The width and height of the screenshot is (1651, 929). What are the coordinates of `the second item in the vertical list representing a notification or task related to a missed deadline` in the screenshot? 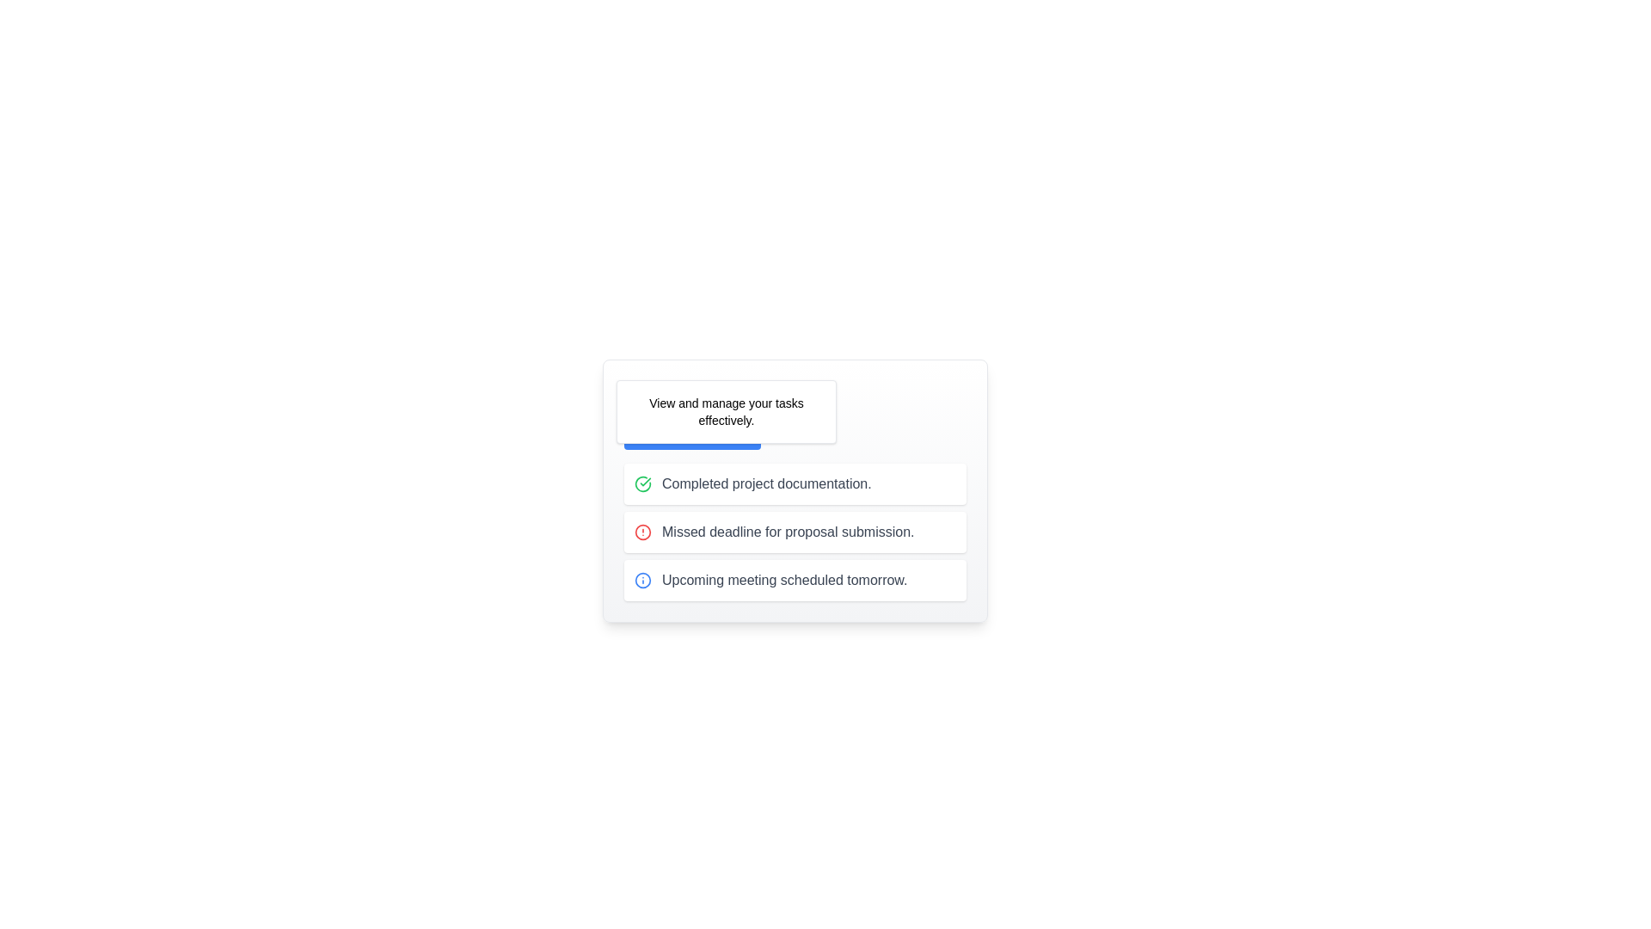 It's located at (795, 531).